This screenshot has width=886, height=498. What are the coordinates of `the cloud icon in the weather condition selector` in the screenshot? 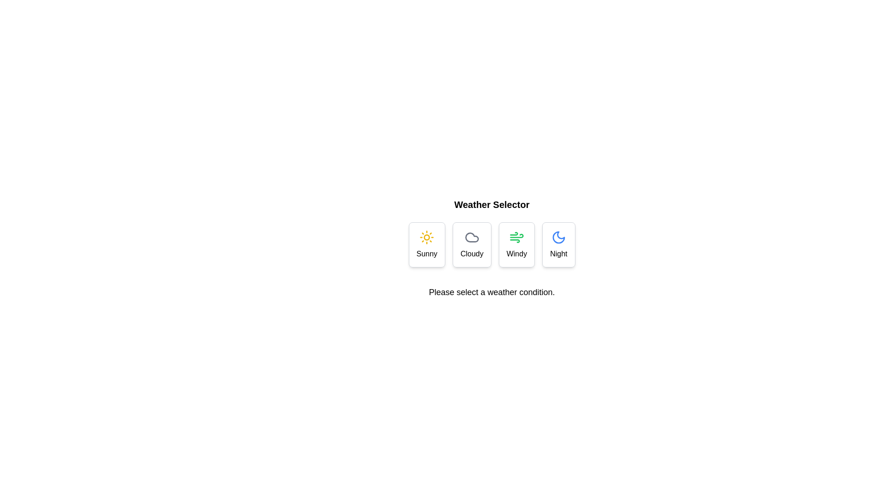 It's located at (472, 237).